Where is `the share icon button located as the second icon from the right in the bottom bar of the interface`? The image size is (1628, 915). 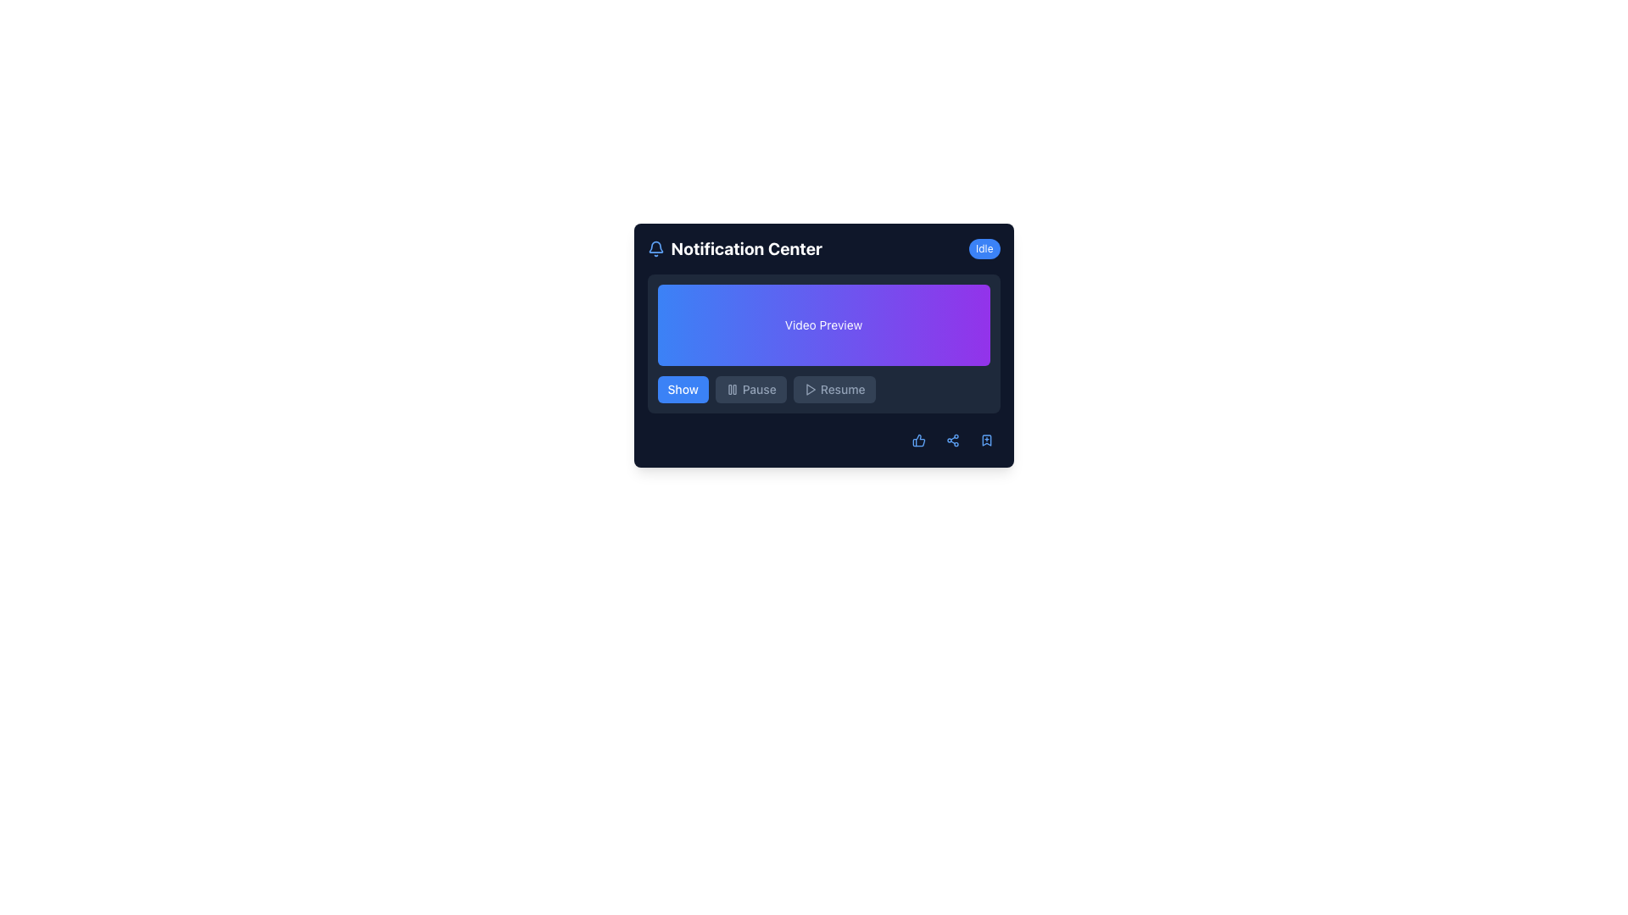 the share icon button located as the second icon from the right in the bottom bar of the interface is located at coordinates (952, 440).